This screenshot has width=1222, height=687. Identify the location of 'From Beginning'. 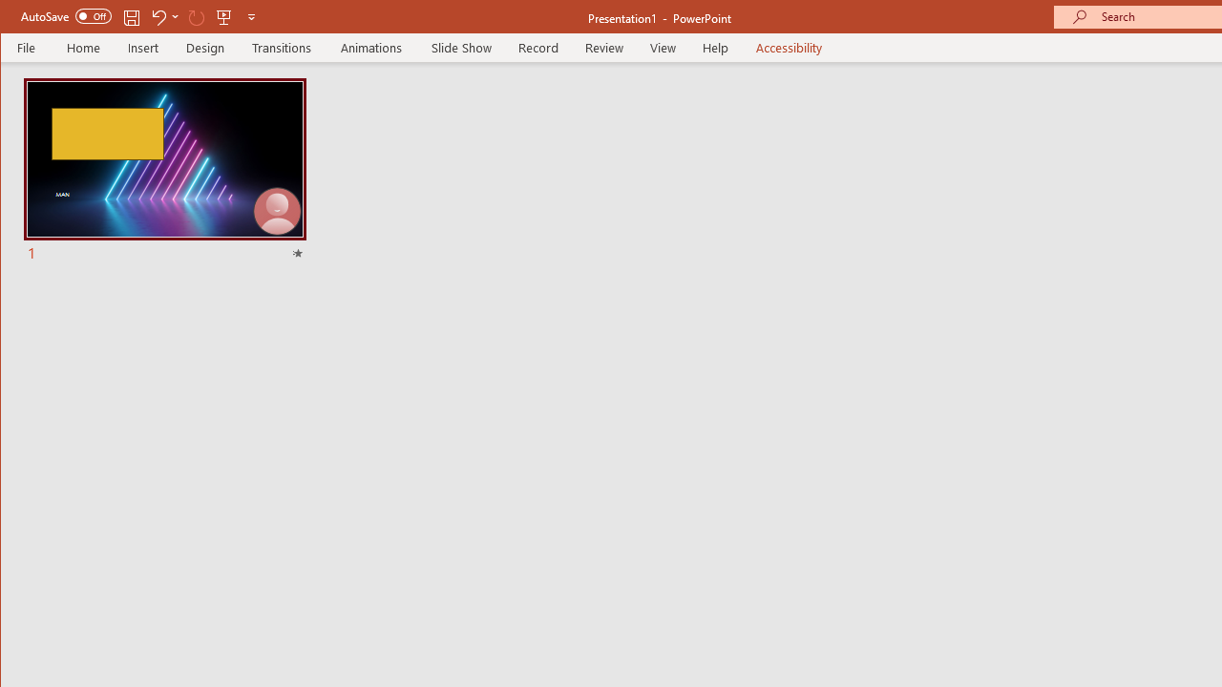
(224, 16).